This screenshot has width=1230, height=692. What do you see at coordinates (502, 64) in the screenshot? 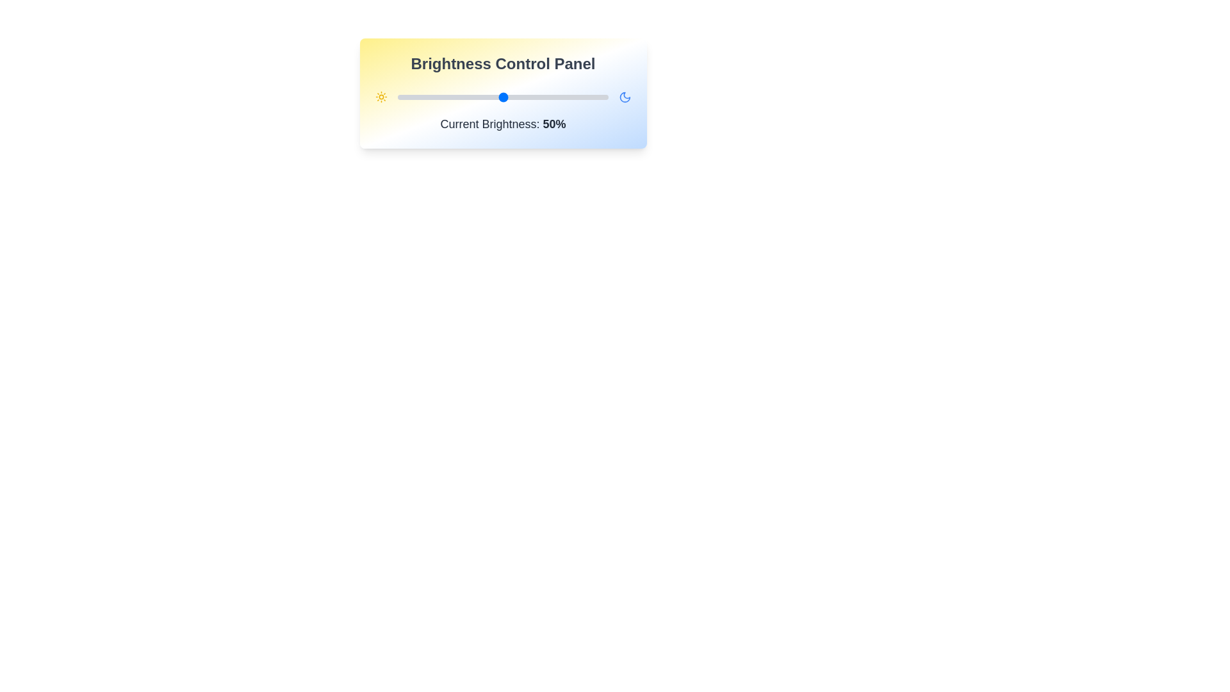
I see `the bold heading 'Brightness Control Panel'` at bounding box center [502, 64].